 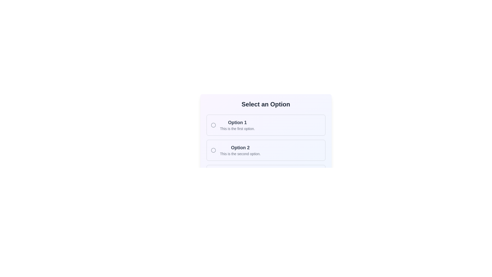 I want to click on the static text element that provides a description related to 'Option 2', located directly below the bolded 'Option 2' text, so click(x=240, y=154).